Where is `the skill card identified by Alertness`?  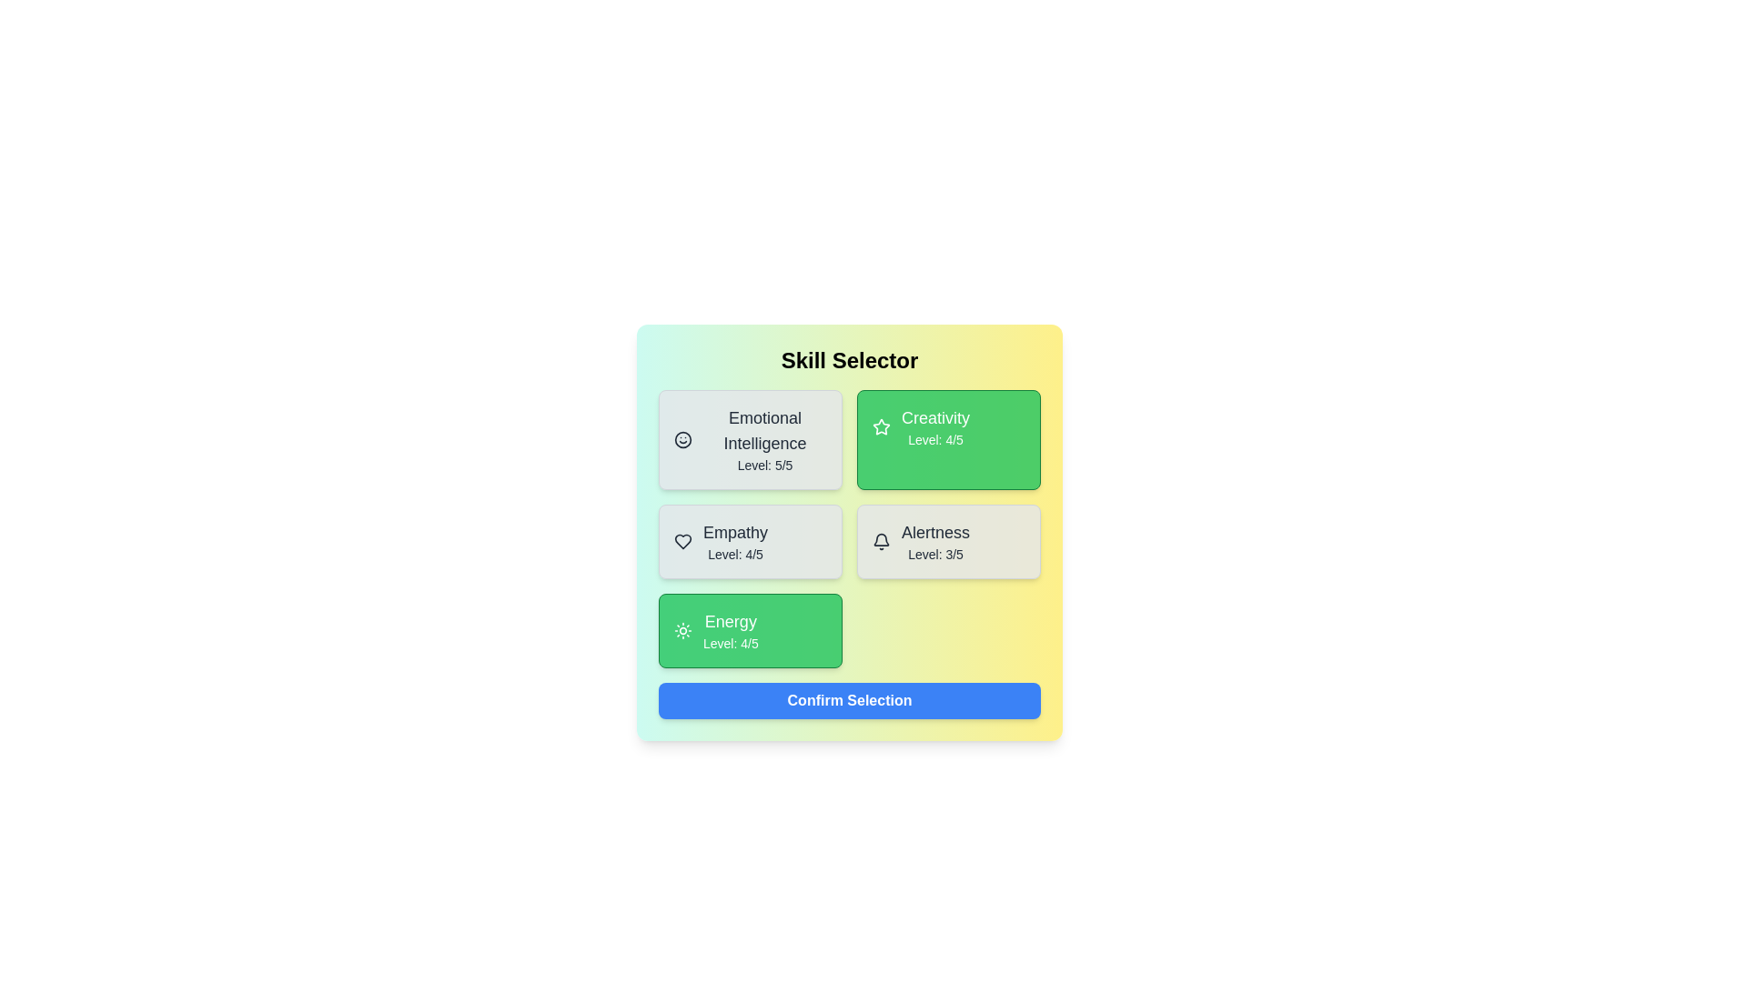
the skill card identified by Alertness is located at coordinates (947, 541).